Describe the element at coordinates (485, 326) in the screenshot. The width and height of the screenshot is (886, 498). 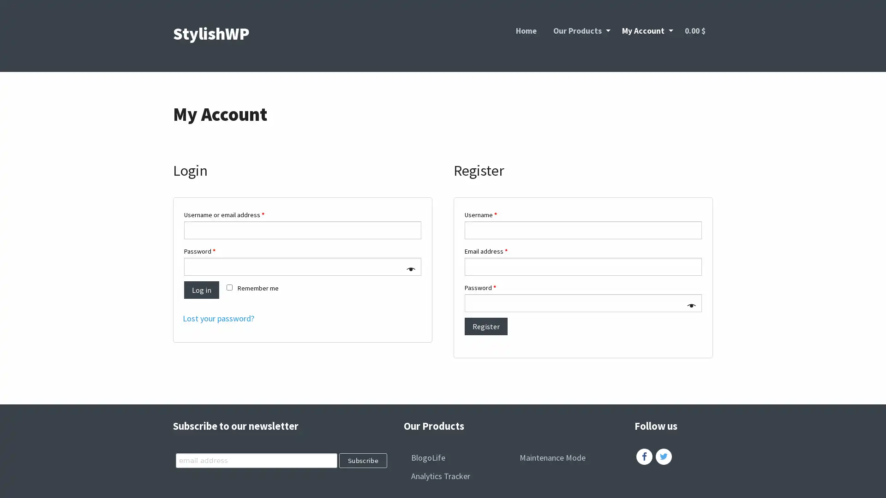
I see `Register` at that location.